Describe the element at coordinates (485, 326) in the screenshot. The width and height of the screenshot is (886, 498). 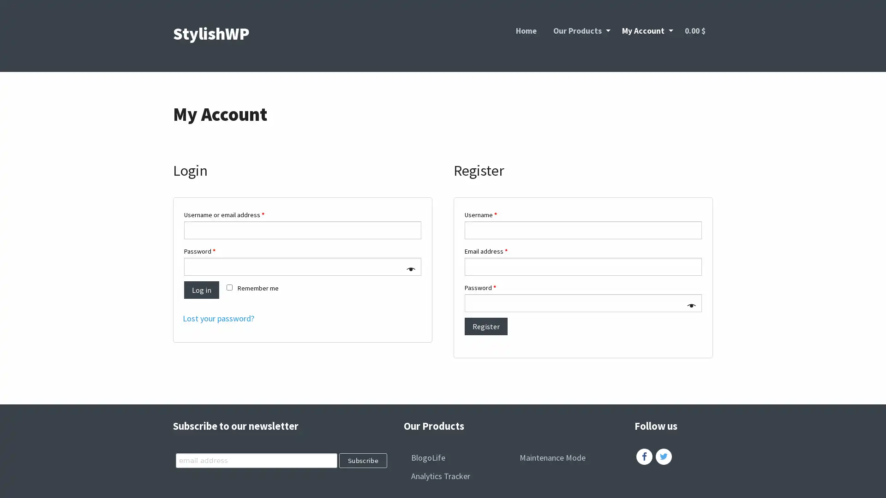
I see `Register` at that location.